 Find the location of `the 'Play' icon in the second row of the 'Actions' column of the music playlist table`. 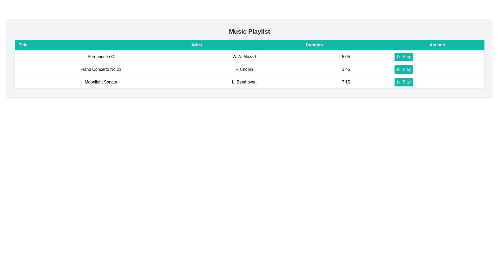

the 'Play' icon in the second row of the 'Actions' column of the music playlist table is located at coordinates (398, 69).